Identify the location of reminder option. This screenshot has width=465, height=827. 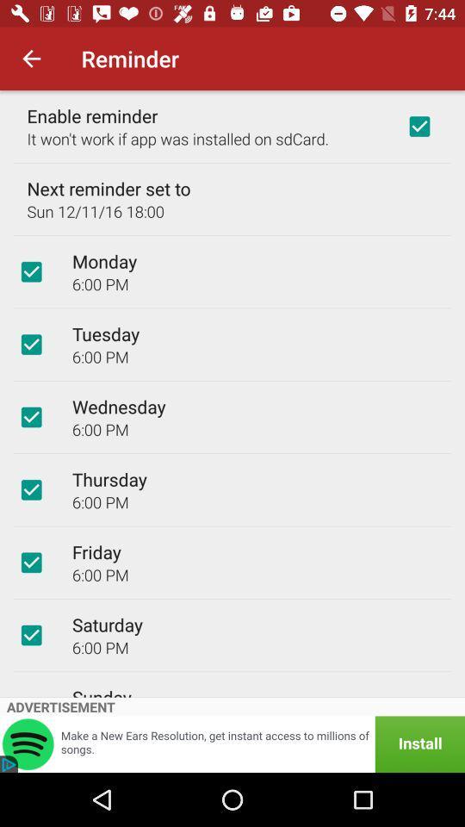
(31, 416).